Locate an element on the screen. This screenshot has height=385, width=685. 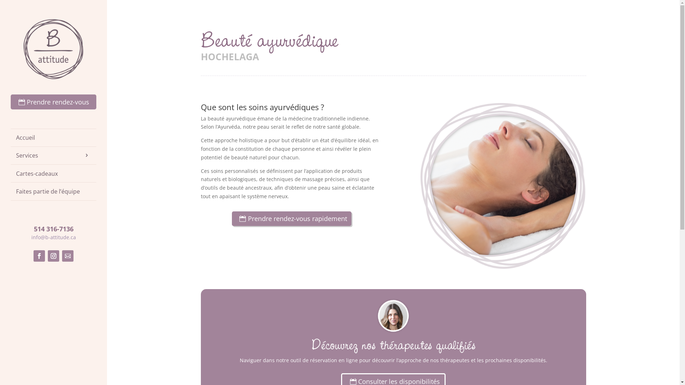
'ba_logo' is located at coordinates (53, 49).